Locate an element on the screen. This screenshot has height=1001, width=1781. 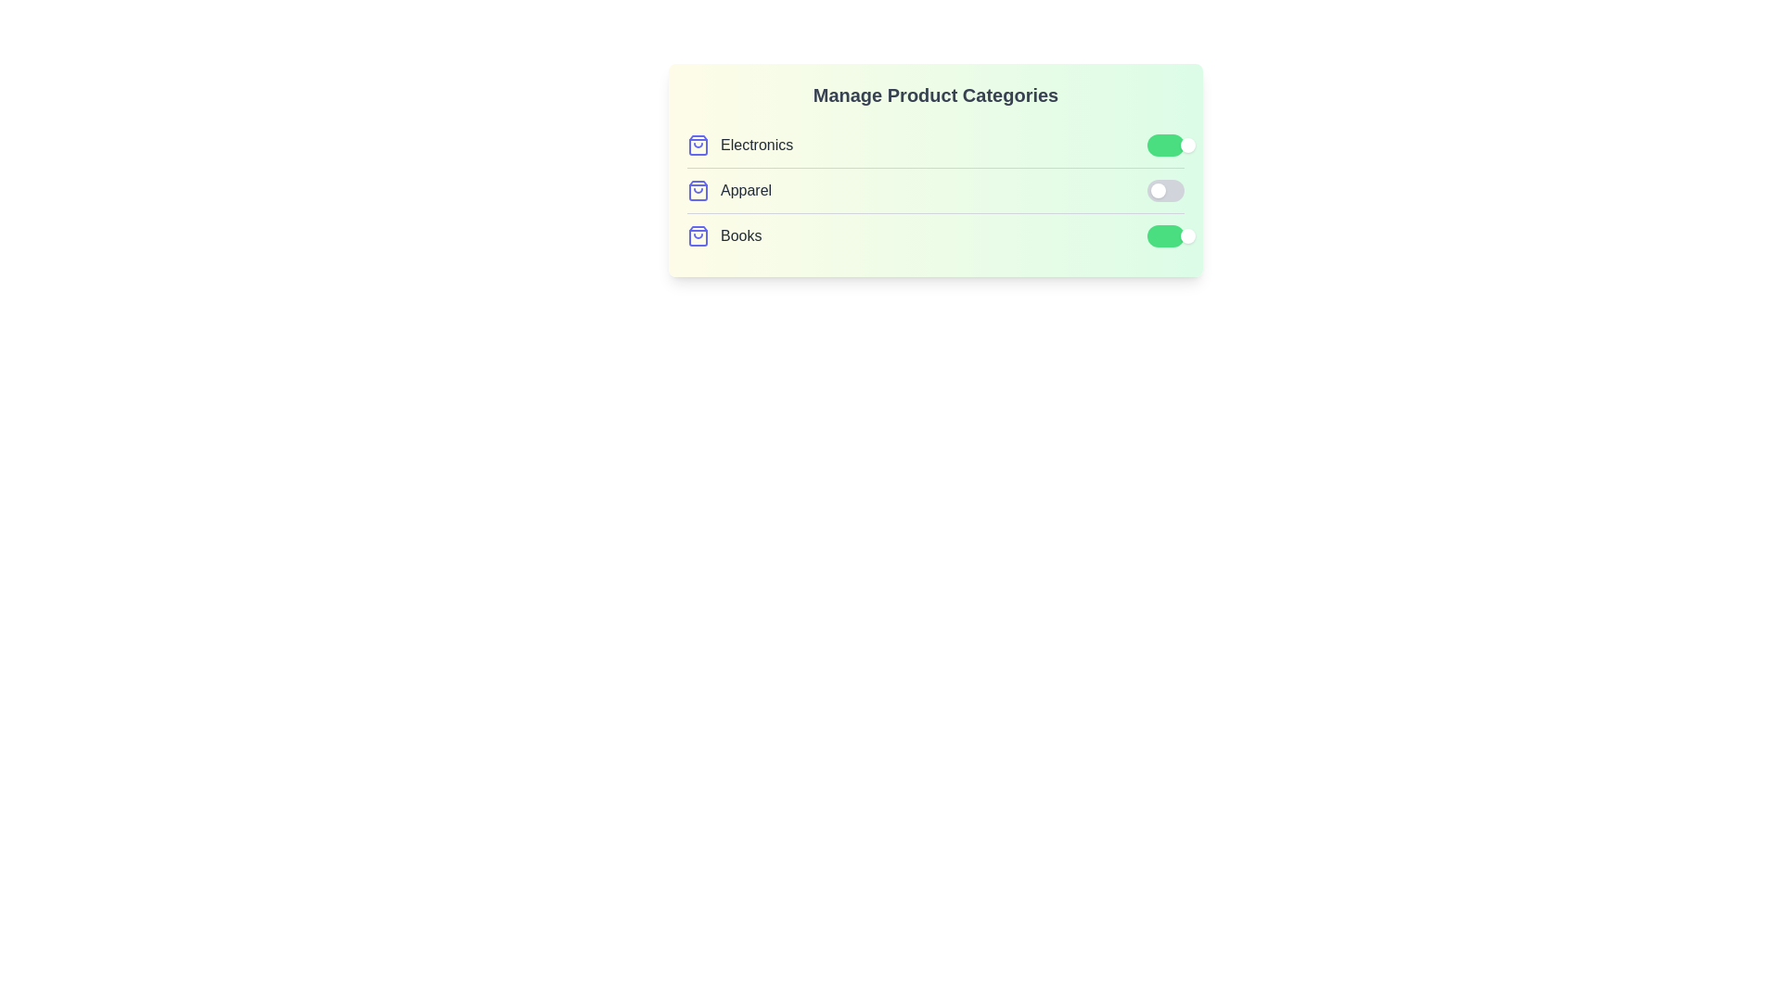
the 'ShoppingBag' icon next to the category Electronics is located at coordinates (698, 145).